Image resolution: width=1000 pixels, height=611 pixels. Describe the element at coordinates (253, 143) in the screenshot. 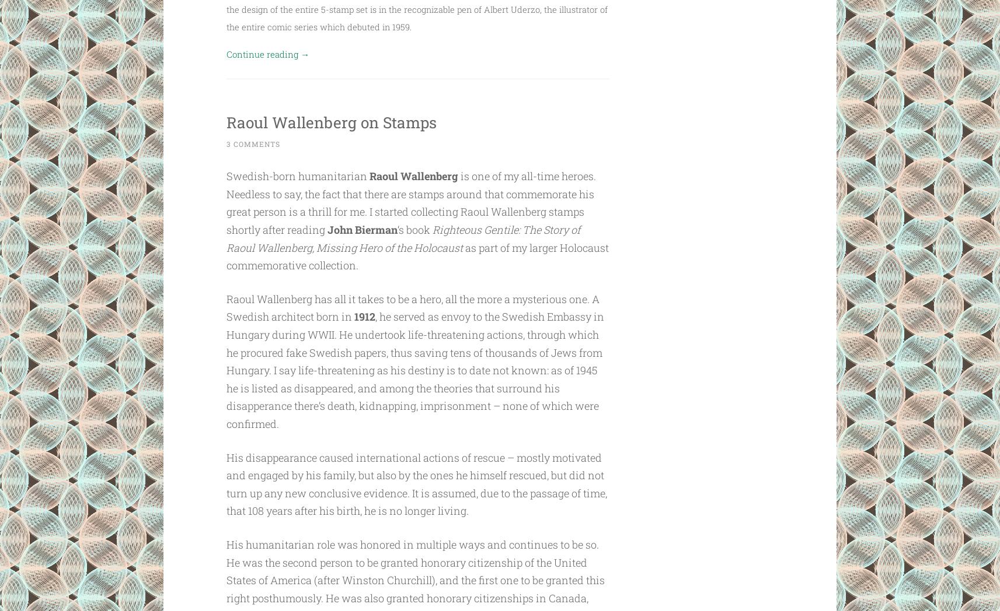

I see `'3 Comments'` at that location.